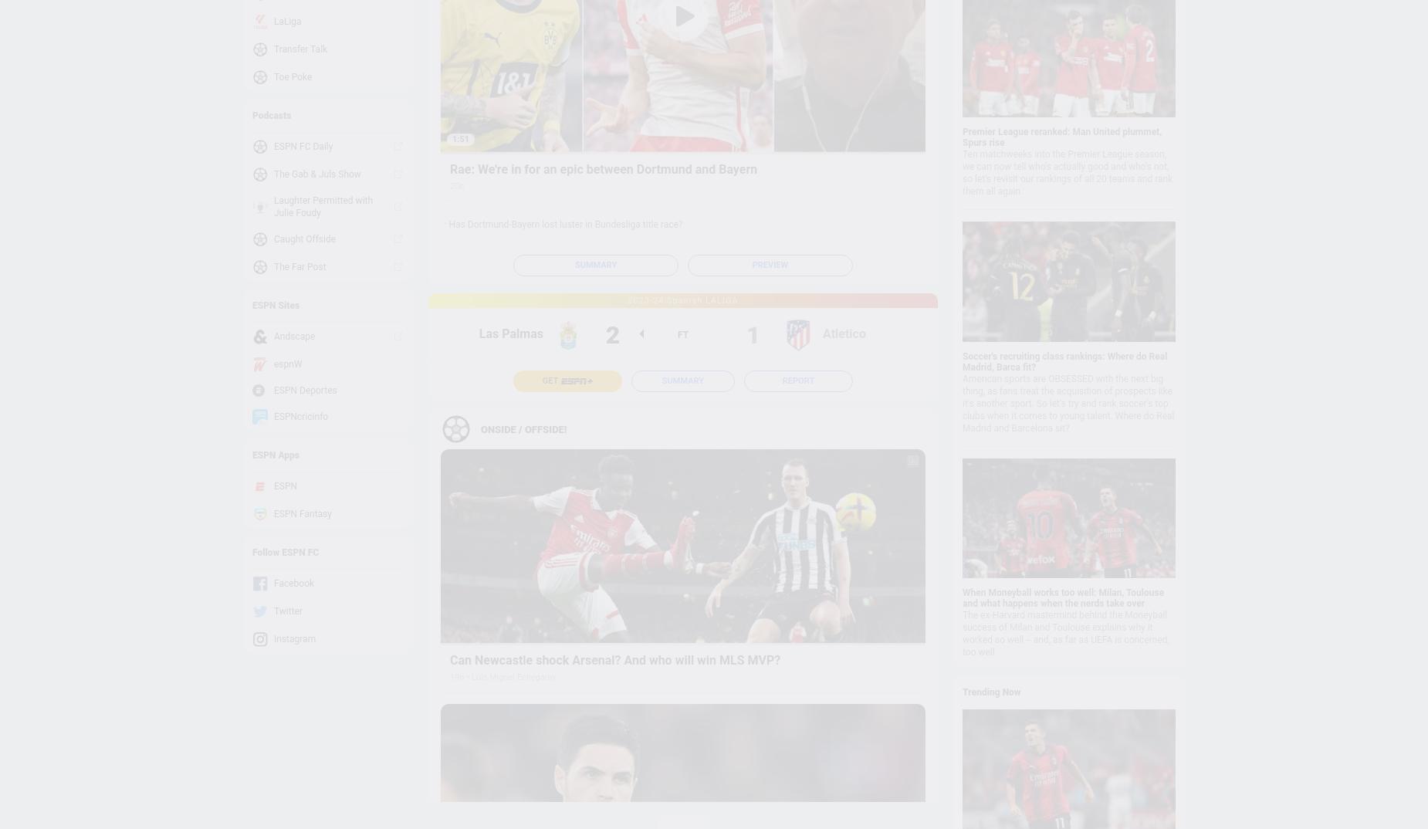  Describe the element at coordinates (273, 638) in the screenshot. I see `'Instagram'` at that location.